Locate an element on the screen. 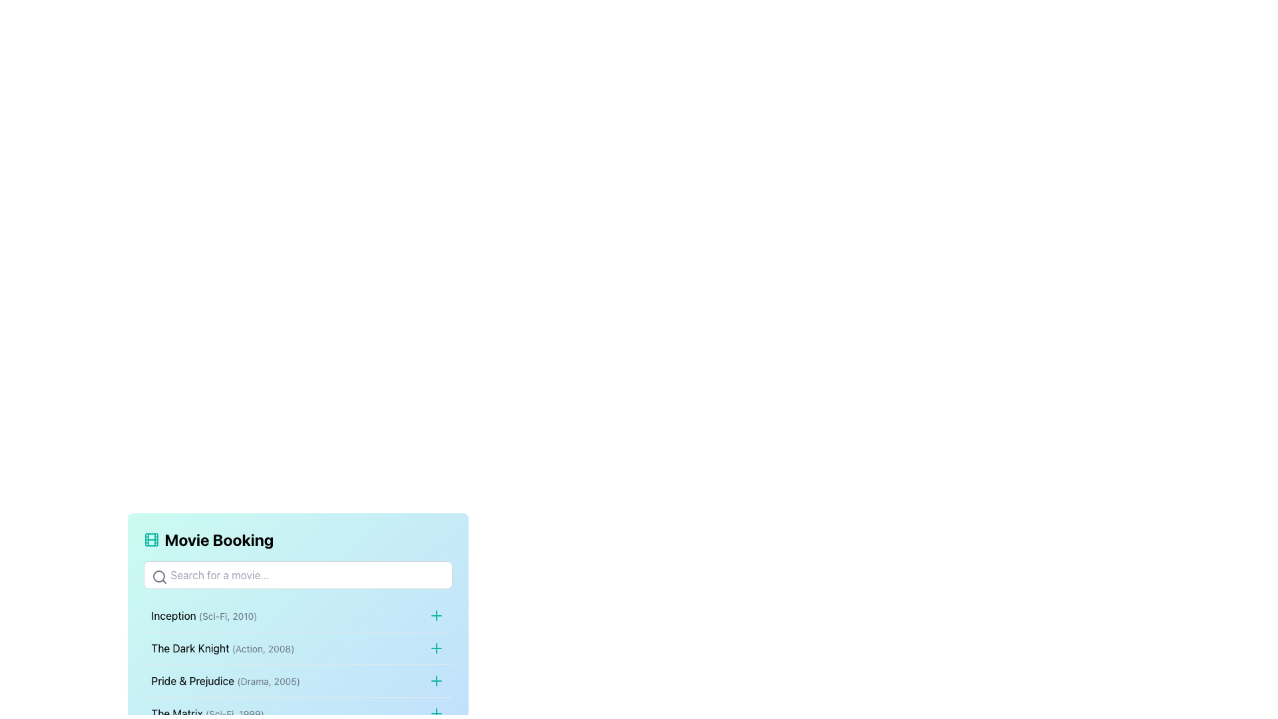 The width and height of the screenshot is (1278, 719). the button is located at coordinates (436, 648).